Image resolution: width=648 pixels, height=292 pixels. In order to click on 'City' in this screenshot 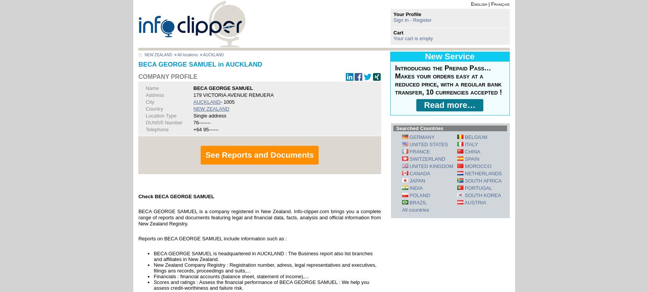, I will do `click(150, 101)`.